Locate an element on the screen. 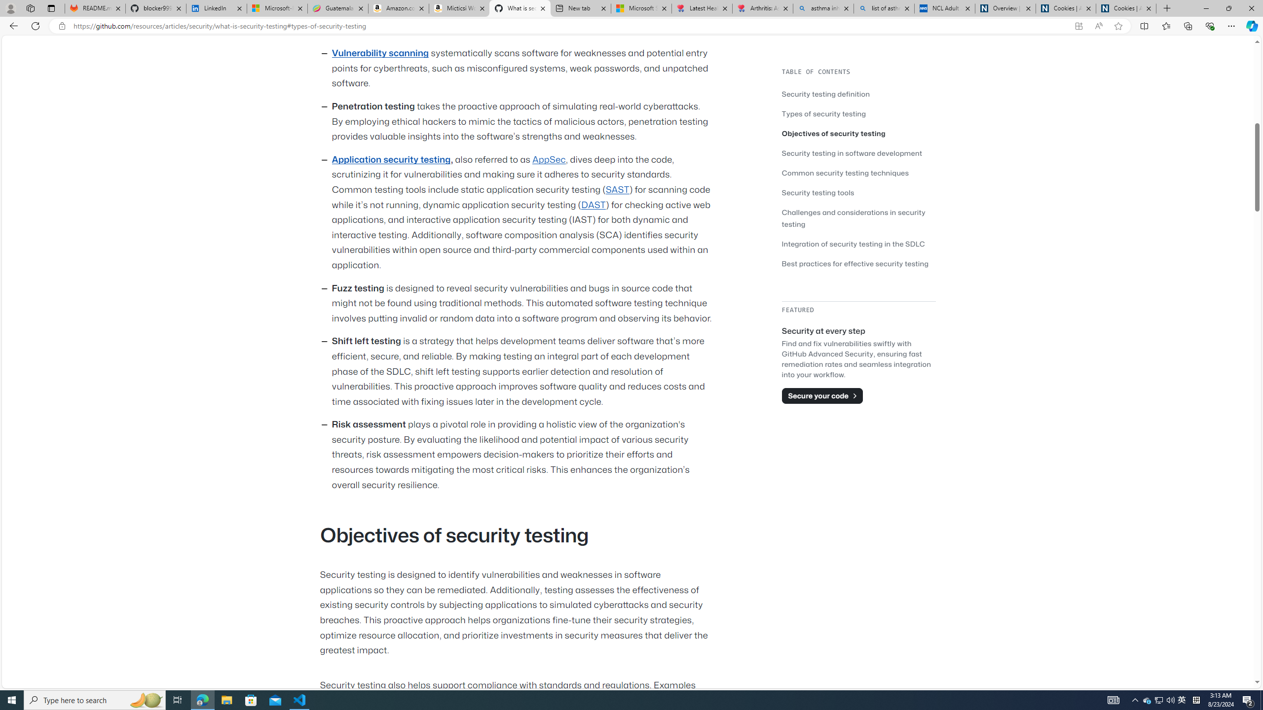 The image size is (1263, 710). 'Application security testing' is located at coordinates (390, 159).